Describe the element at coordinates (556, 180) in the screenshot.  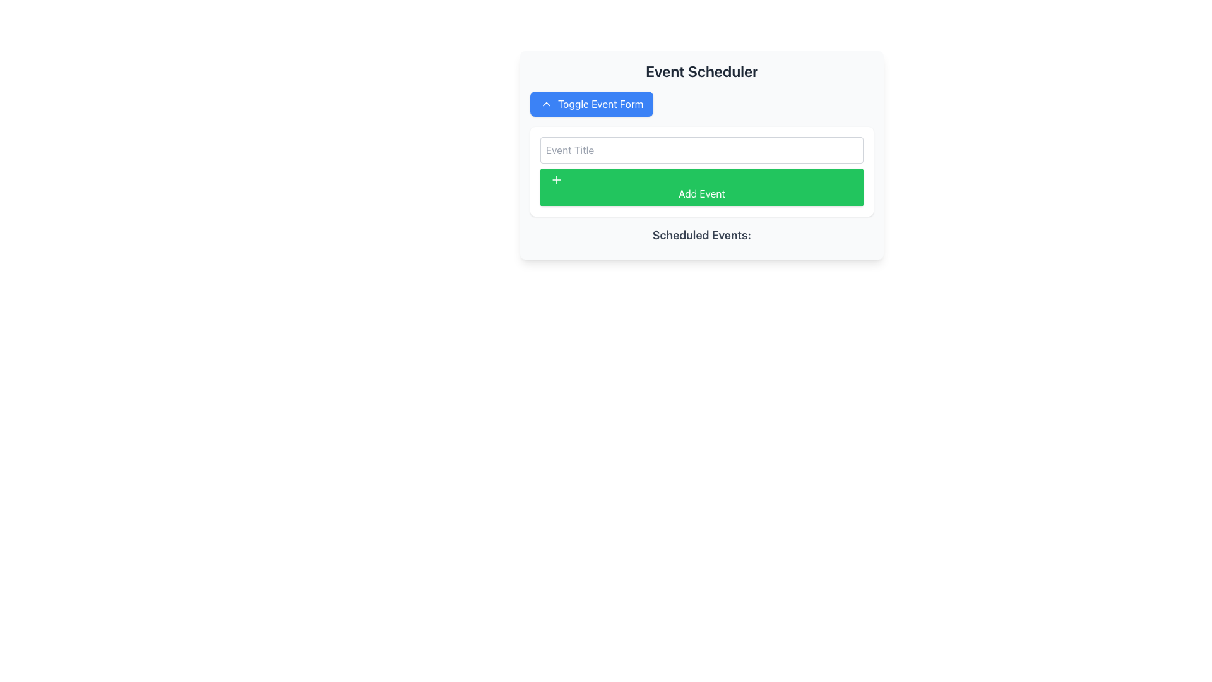
I see `the small green plus icon with a white stroke located to the left of the 'Add Event' button` at that location.